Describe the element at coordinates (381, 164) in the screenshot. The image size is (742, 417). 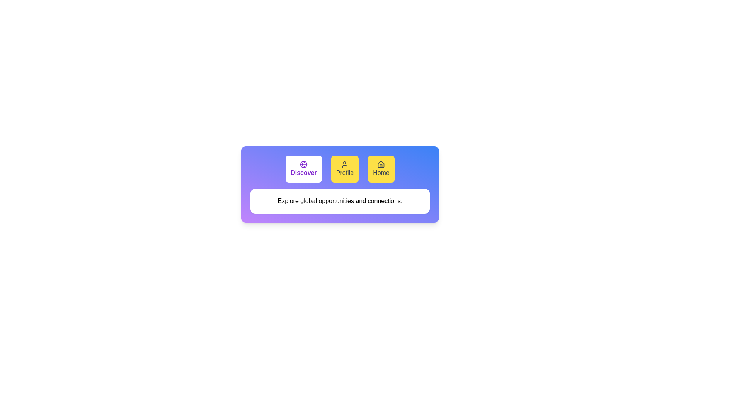
I see `the SVG icon representing a home symbol with a yellow background and light gray outline, located as the third button in a row of three buttons in the header section` at that location.